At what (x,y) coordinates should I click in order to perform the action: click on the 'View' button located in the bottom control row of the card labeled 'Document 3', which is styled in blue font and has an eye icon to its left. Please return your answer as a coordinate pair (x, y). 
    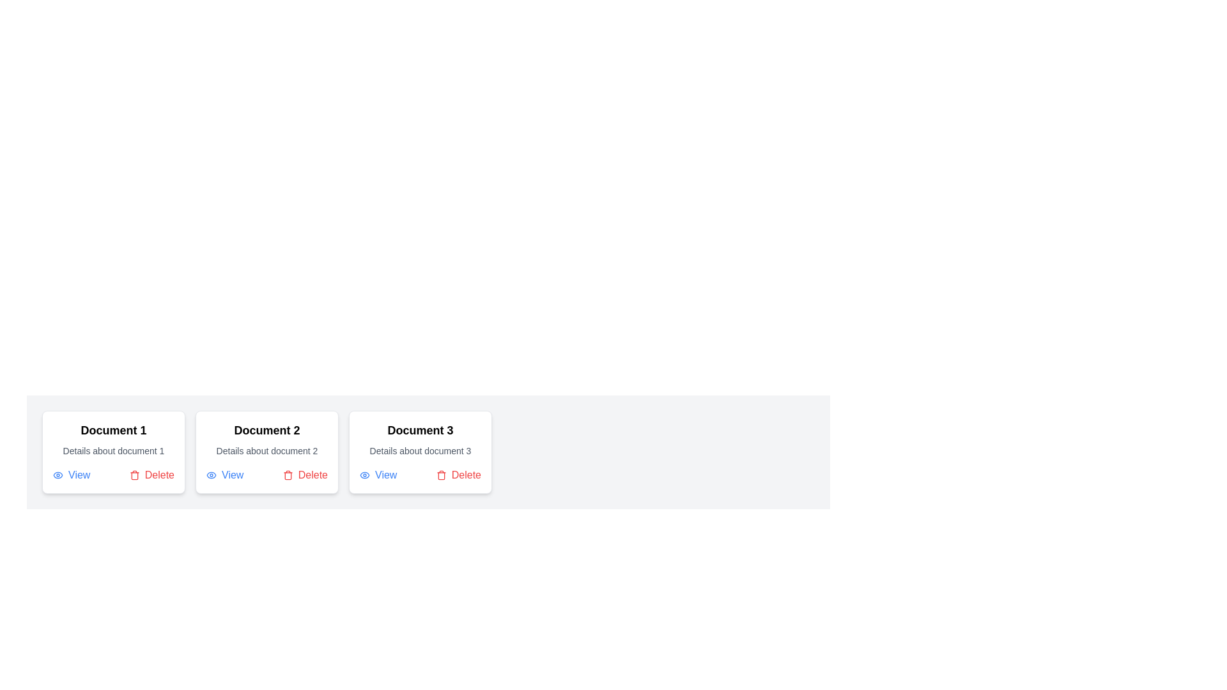
    Looking at the image, I should click on (378, 475).